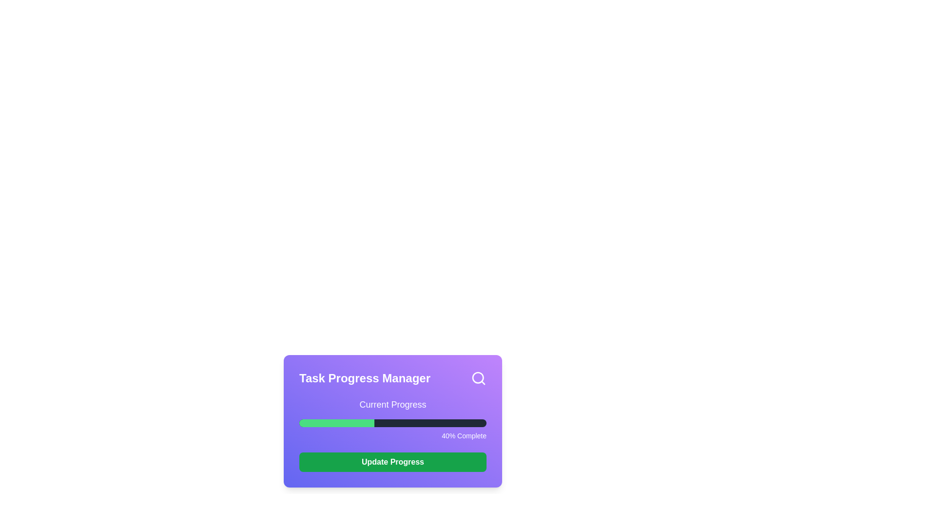 This screenshot has height=526, width=936. Describe the element at coordinates (479, 377) in the screenshot. I see `the magnifying glass icon located at the top-right corner of the interface` at that location.